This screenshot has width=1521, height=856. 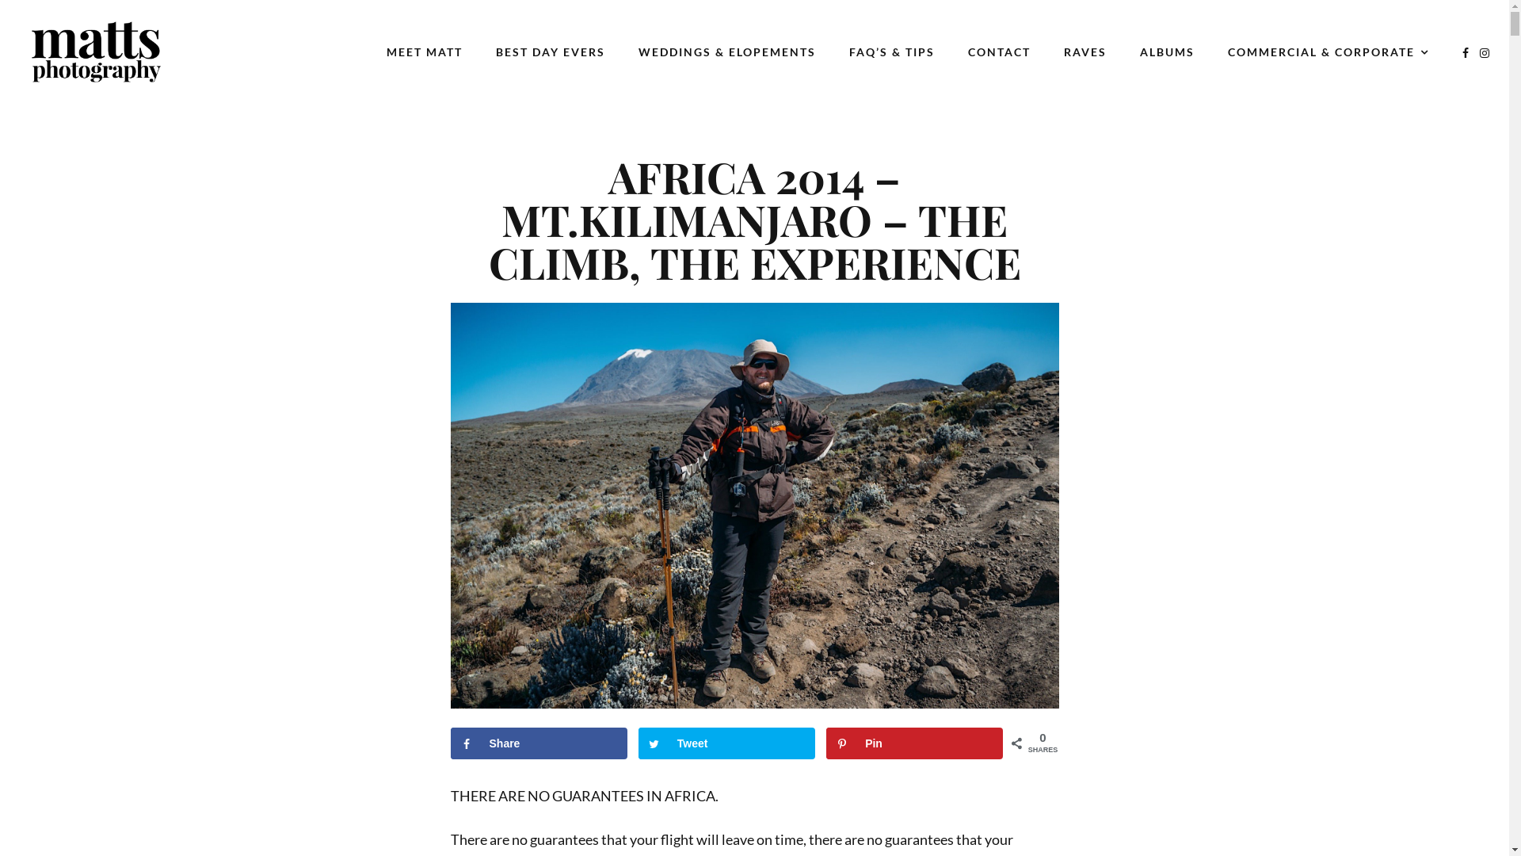 What do you see at coordinates (1227, 51) in the screenshot?
I see `'COMMERCIAL & CORPORATE'` at bounding box center [1227, 51].